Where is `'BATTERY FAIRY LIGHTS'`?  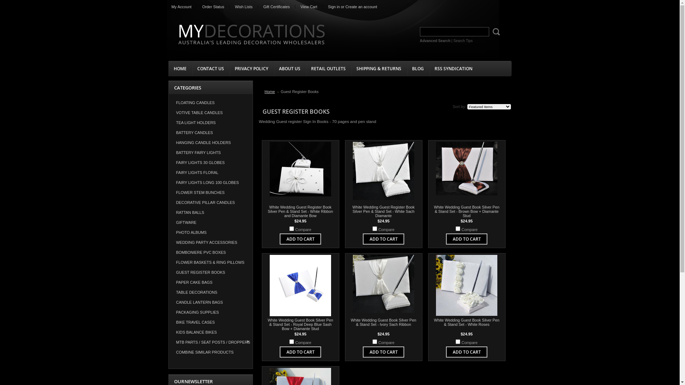
'BATTERY FAIRY LIGHTS' is located at coordinates (210, 152).